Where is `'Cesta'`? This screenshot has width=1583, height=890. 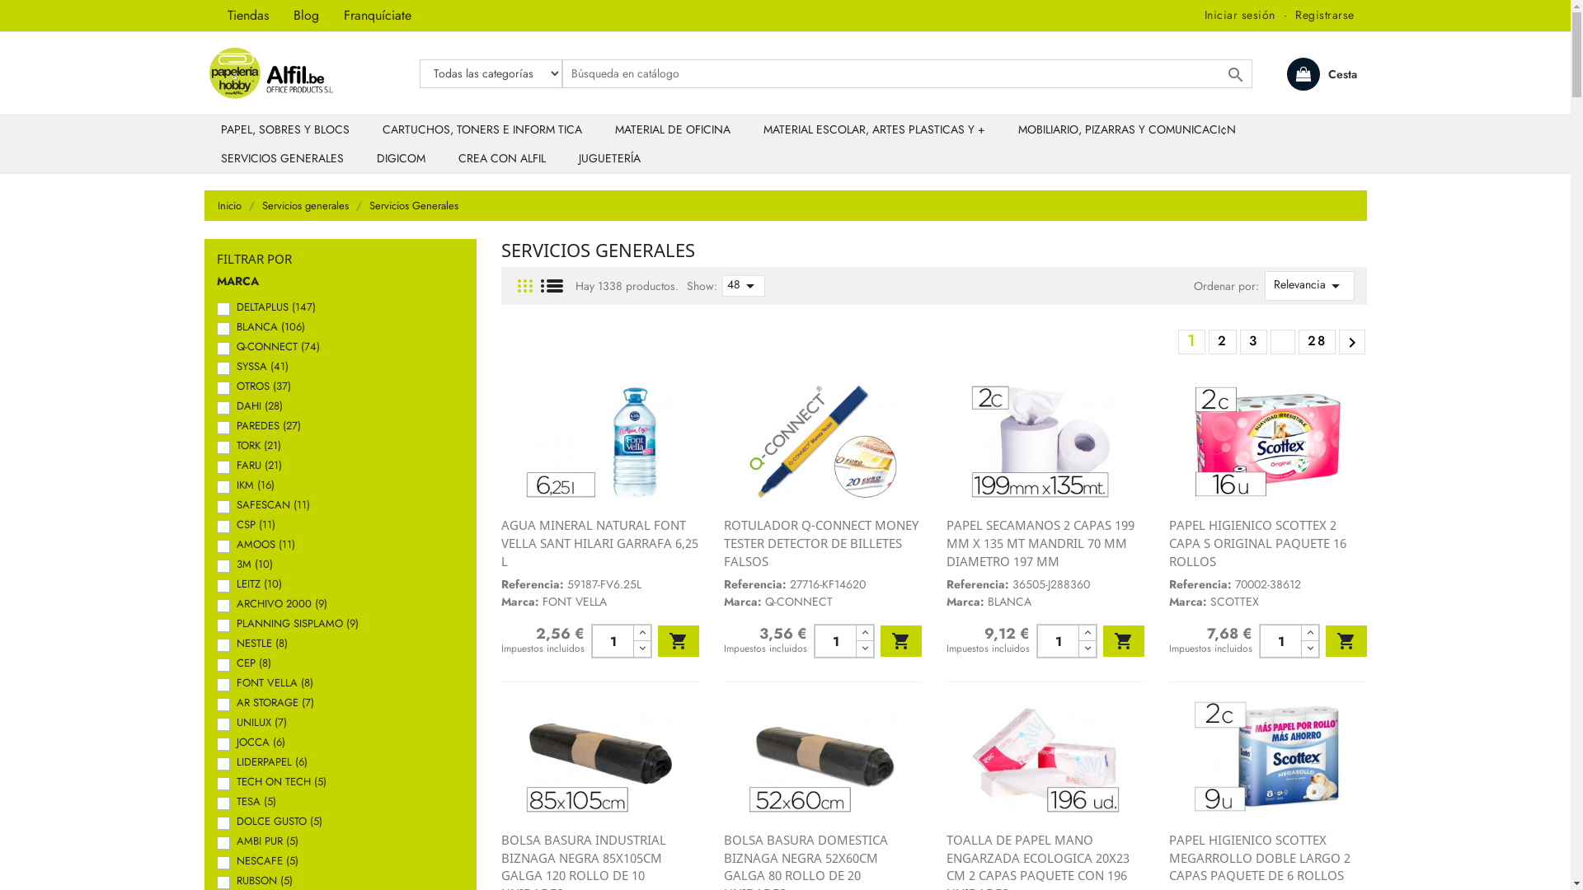 'Cesta' is located at coordinates (1285, 73).